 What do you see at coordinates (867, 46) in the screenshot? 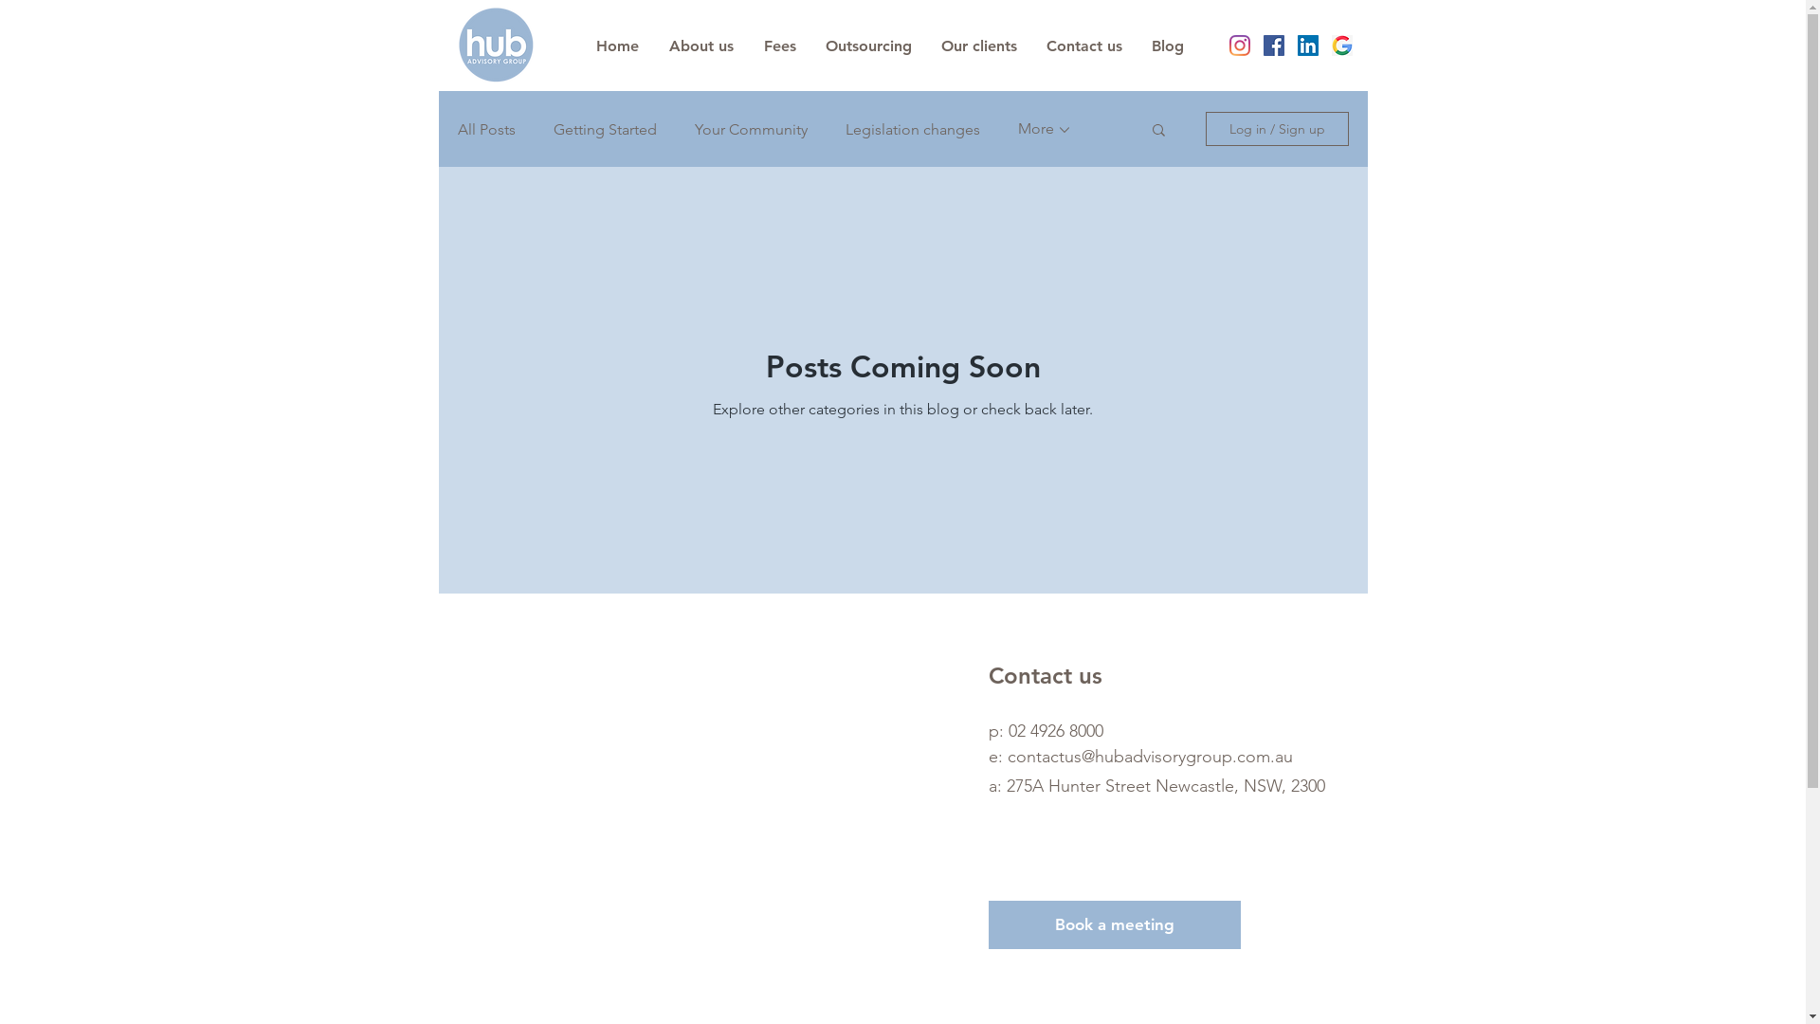
I see `'Outsourcing'` at bounding box center [867, 46].